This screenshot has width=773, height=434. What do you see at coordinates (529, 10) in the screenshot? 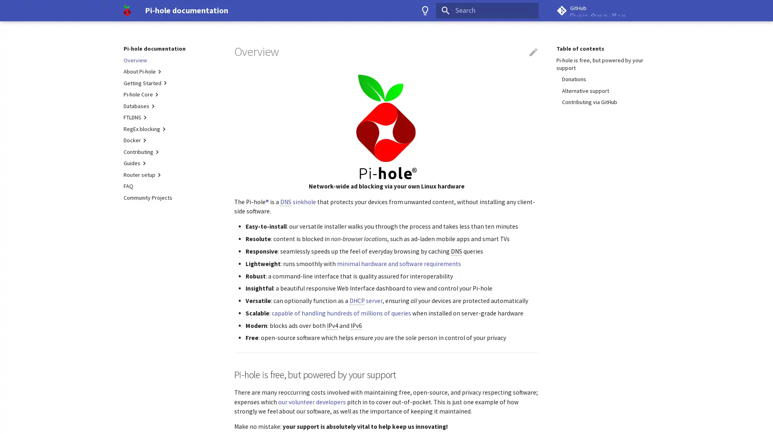
I see `Clear` at bounding box center [529, 10].